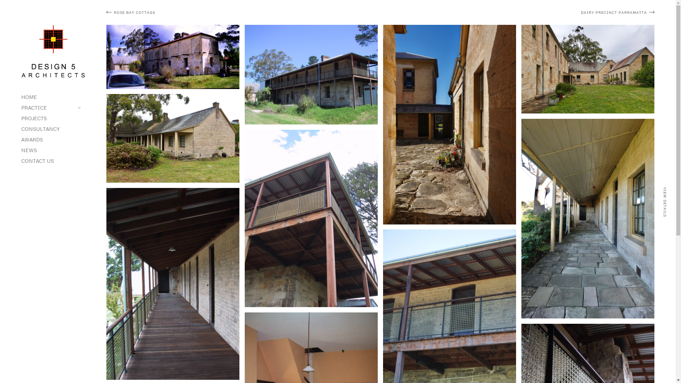 This screenshot has width=681, height=383. What do you see at coordinates (52, 97) in the screenshot?
I see `'HOME'` at bounding box center [52, 97].